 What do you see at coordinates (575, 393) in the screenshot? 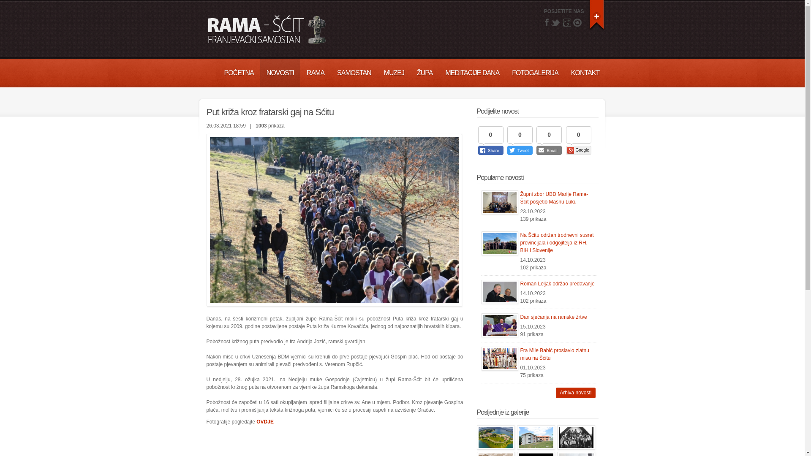
I see `'Arhiva novosti'` at bounding box center [575, 393].